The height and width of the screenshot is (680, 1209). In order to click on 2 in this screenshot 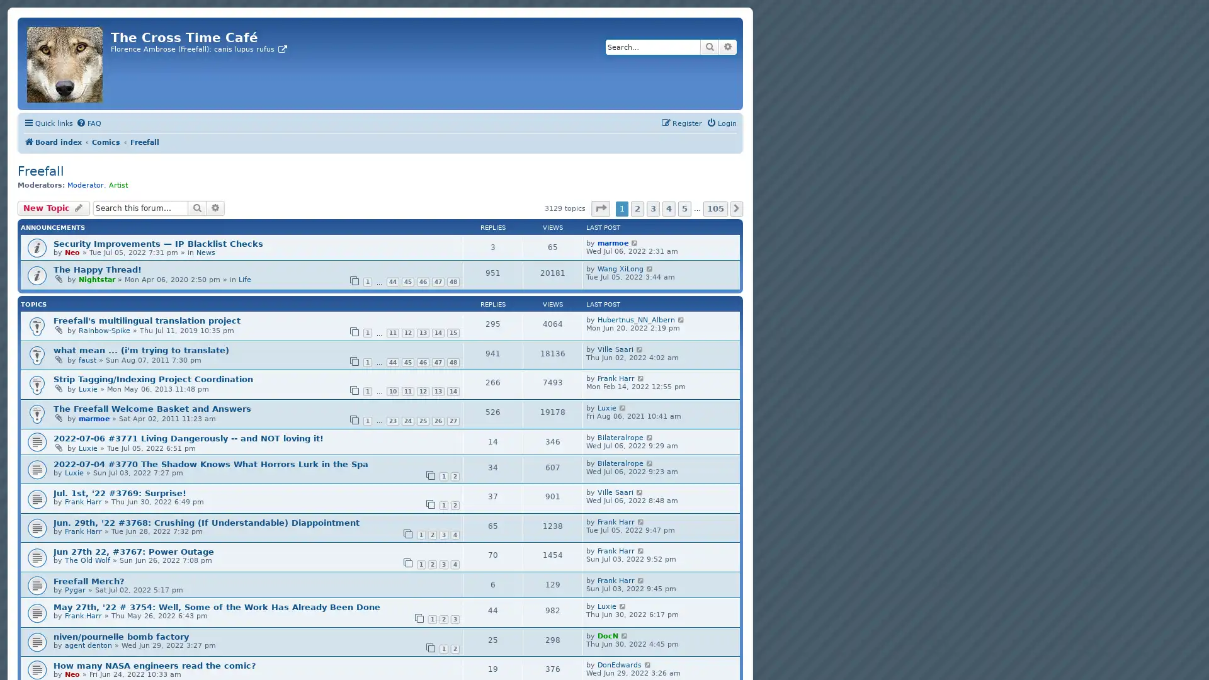, I will do `click(637, 208)`.